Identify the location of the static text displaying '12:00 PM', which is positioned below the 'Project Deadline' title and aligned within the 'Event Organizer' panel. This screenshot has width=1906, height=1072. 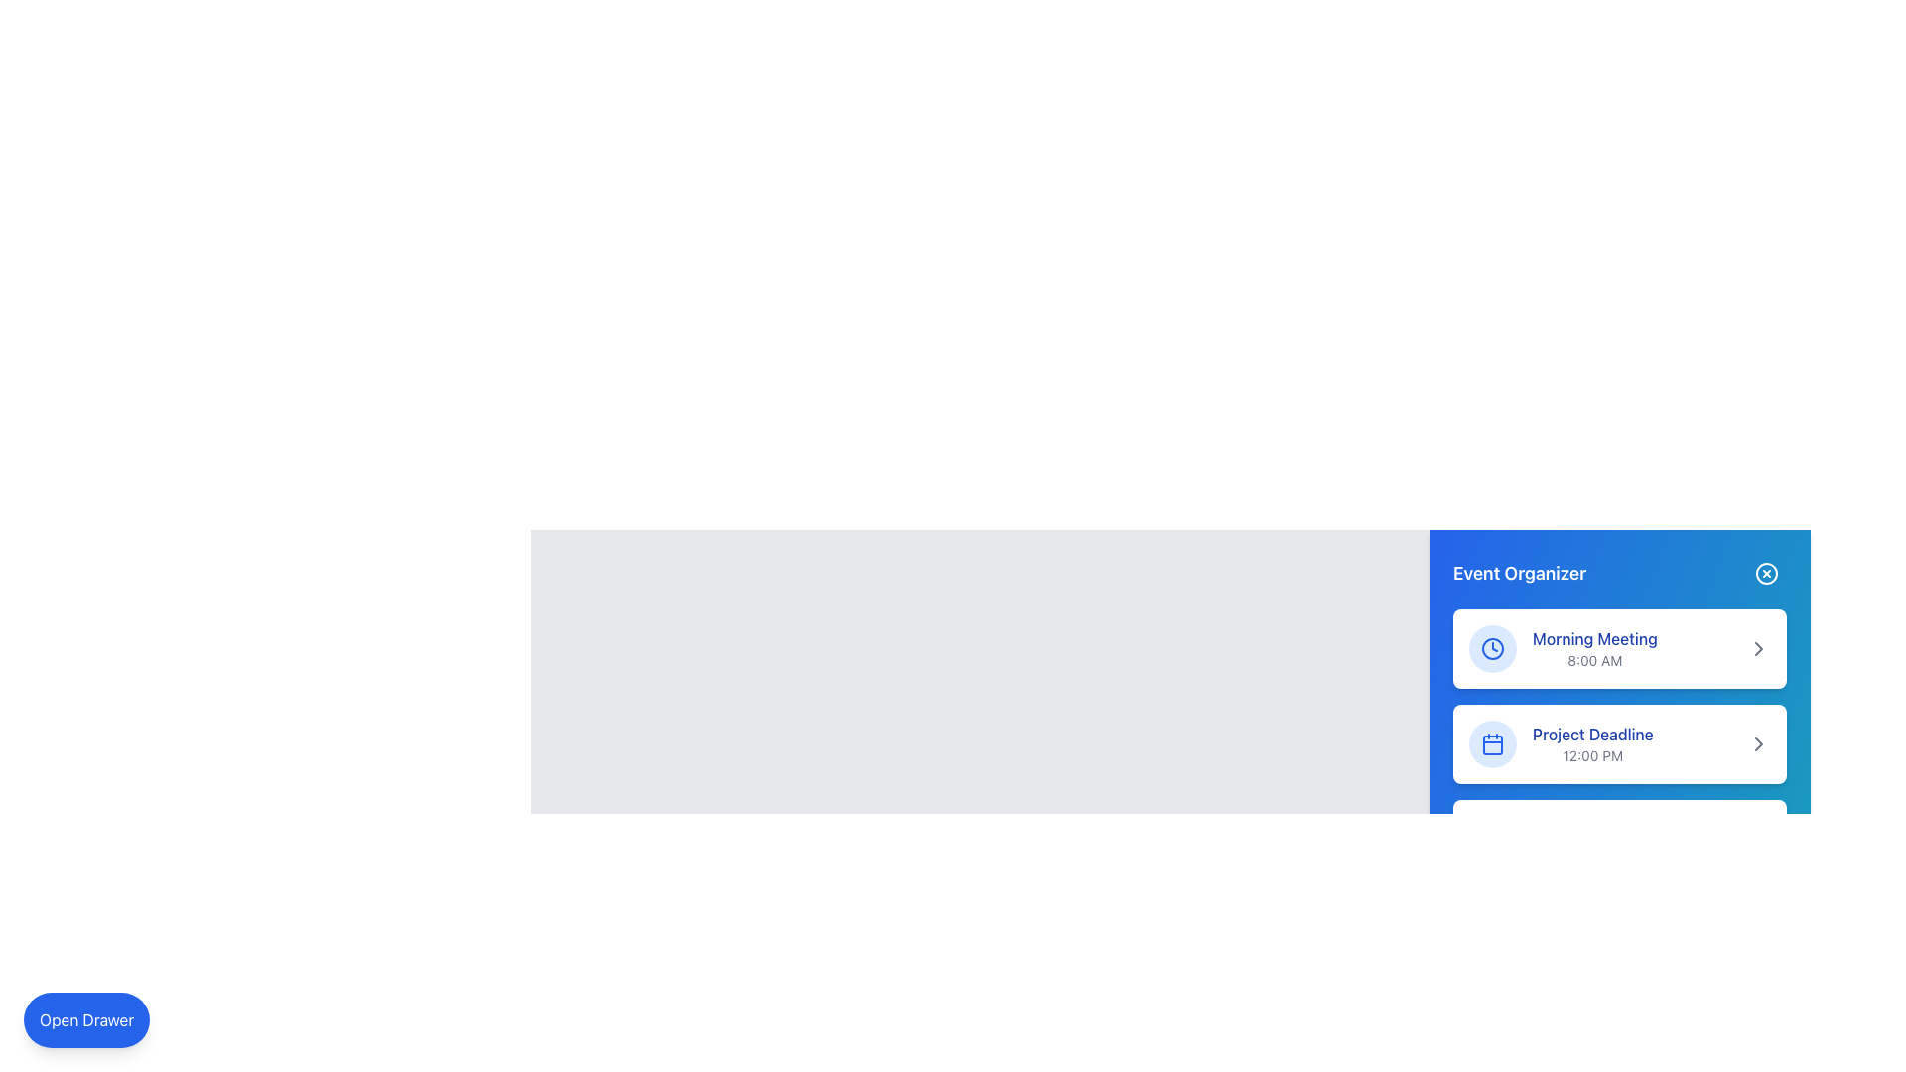
(1592, 756).